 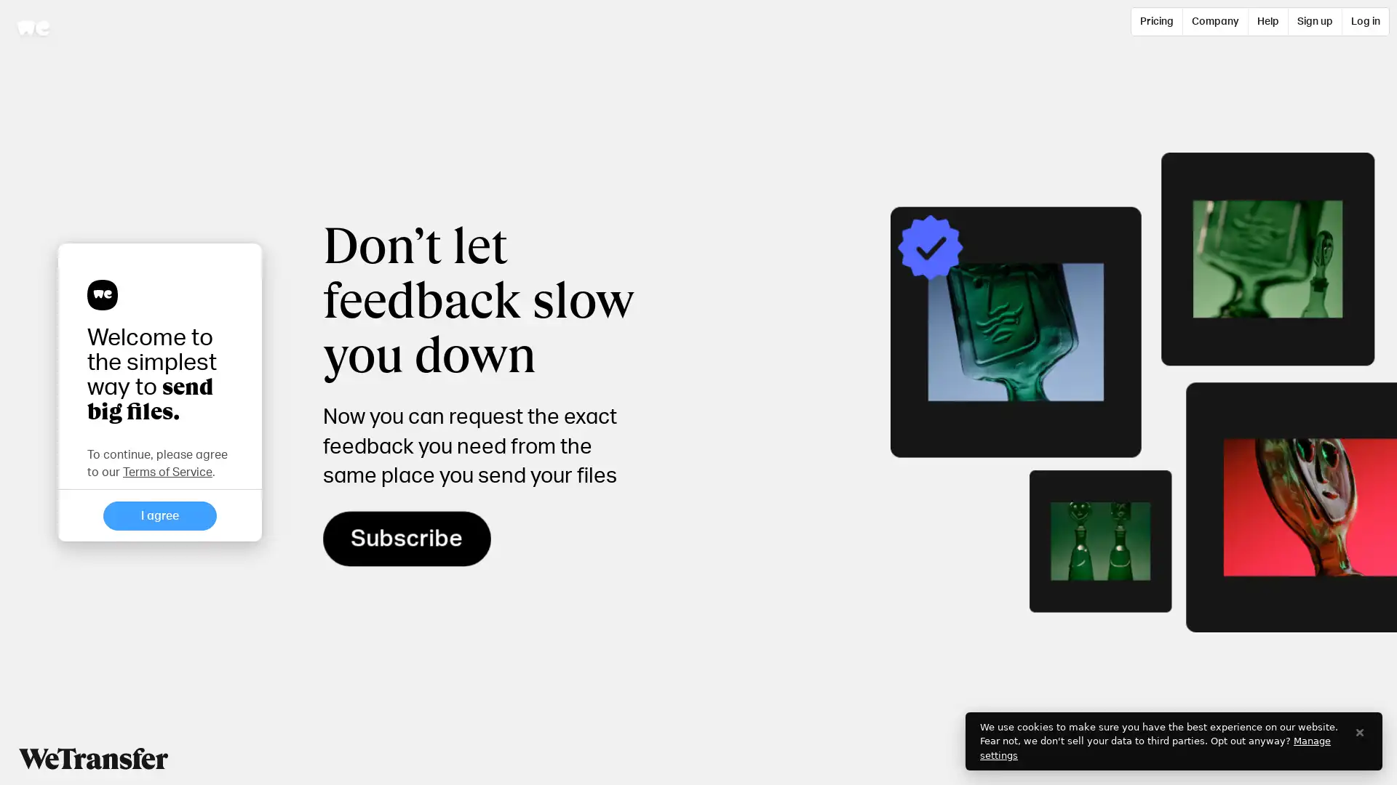 I want to click on I agree, so click(x=160, y=515).